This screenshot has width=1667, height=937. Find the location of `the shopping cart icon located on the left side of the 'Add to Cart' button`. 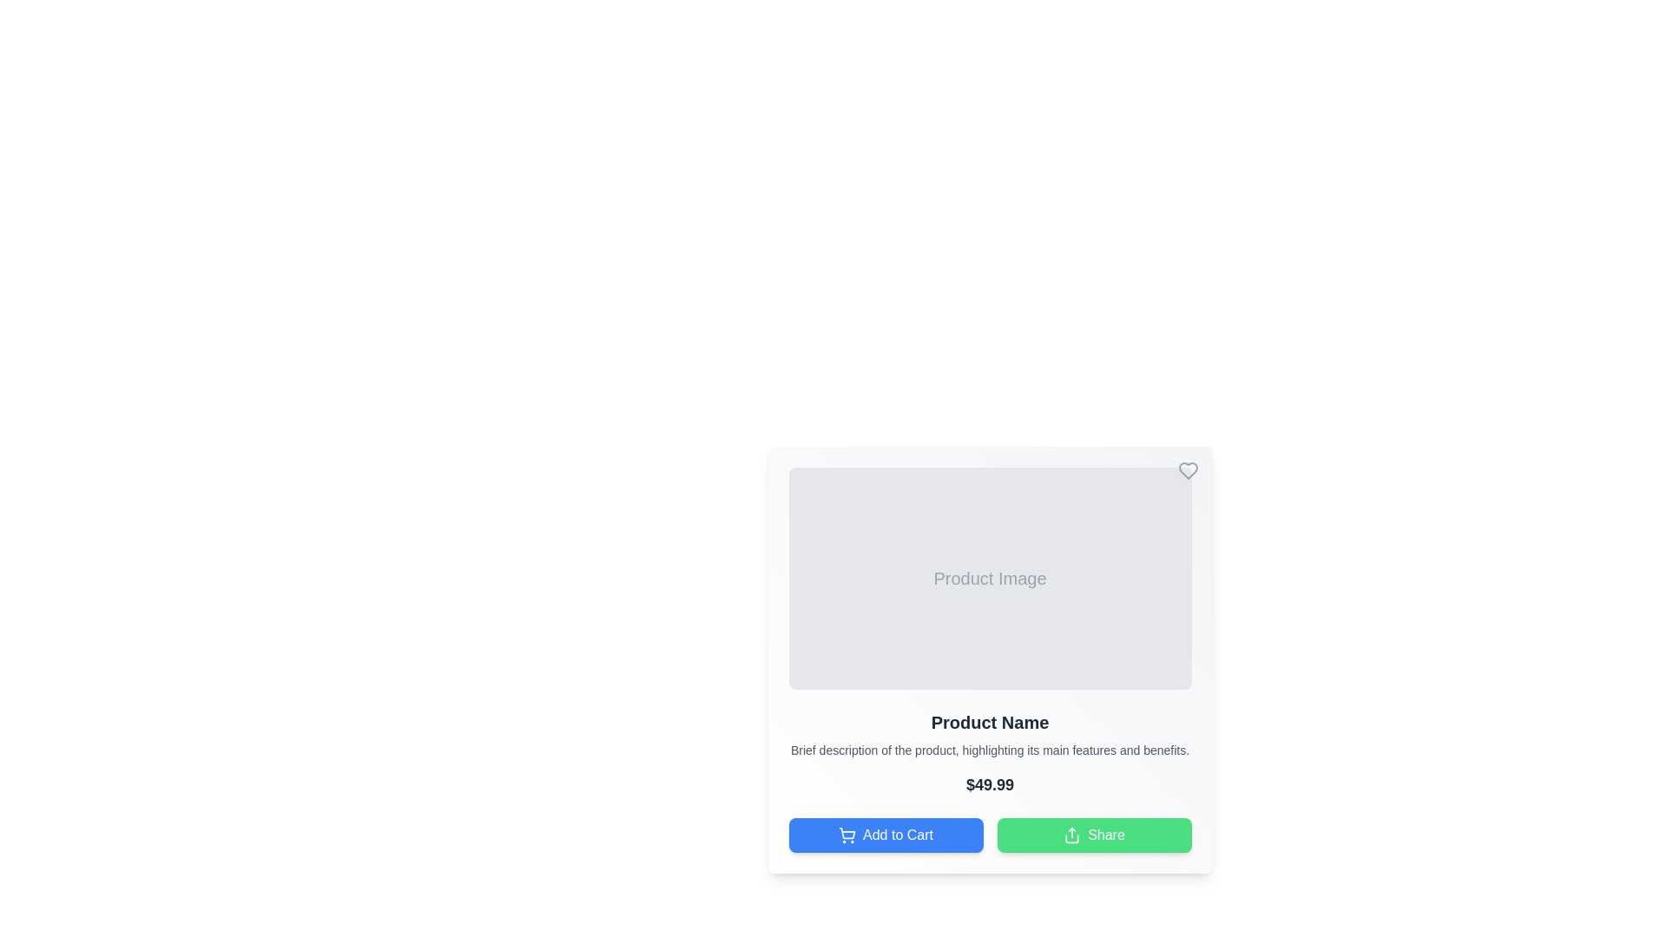

the shopping cart icon located on the left side of the 'Add to Cart' button is located at coordinates (847, 835).